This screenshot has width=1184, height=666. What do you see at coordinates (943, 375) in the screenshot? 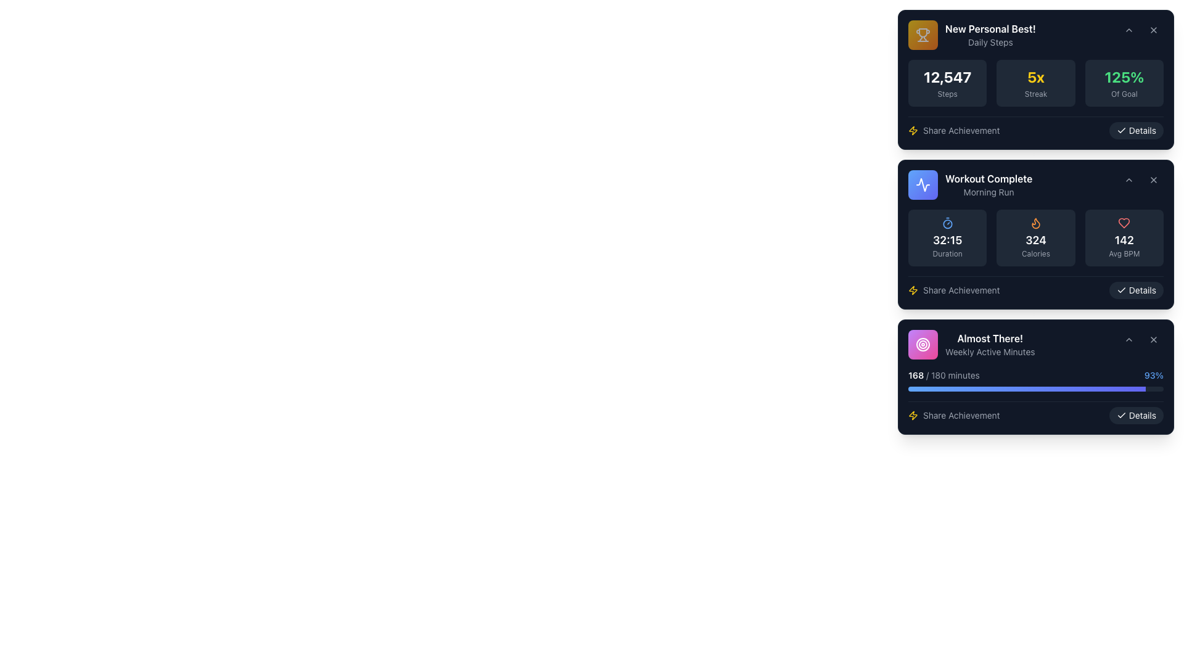
I see `the text label displaying '168 / 180 minutes', which is styled with gray text color and located in the bottom-most card of the vertical stack, near the top-left corner adjacent to a progress bar and a percentage value ('93%')` at bounding box center [943, 375].